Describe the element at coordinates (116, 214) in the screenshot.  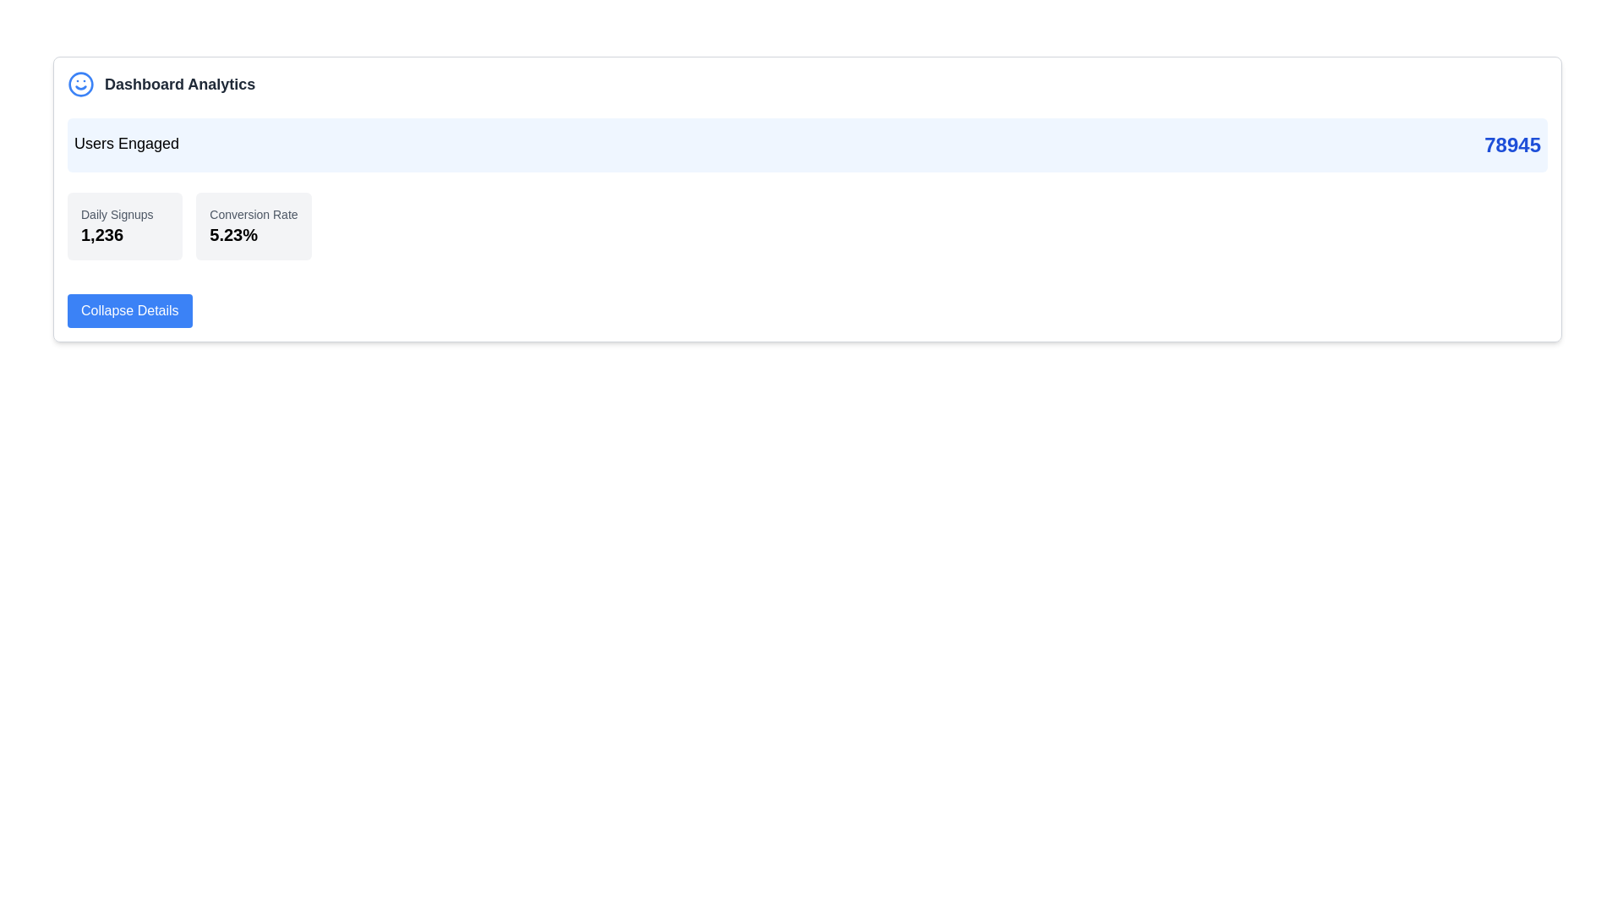
I see `the static text label indicating the value '1,236', which serves as a descriptor for daily signups` at that location.